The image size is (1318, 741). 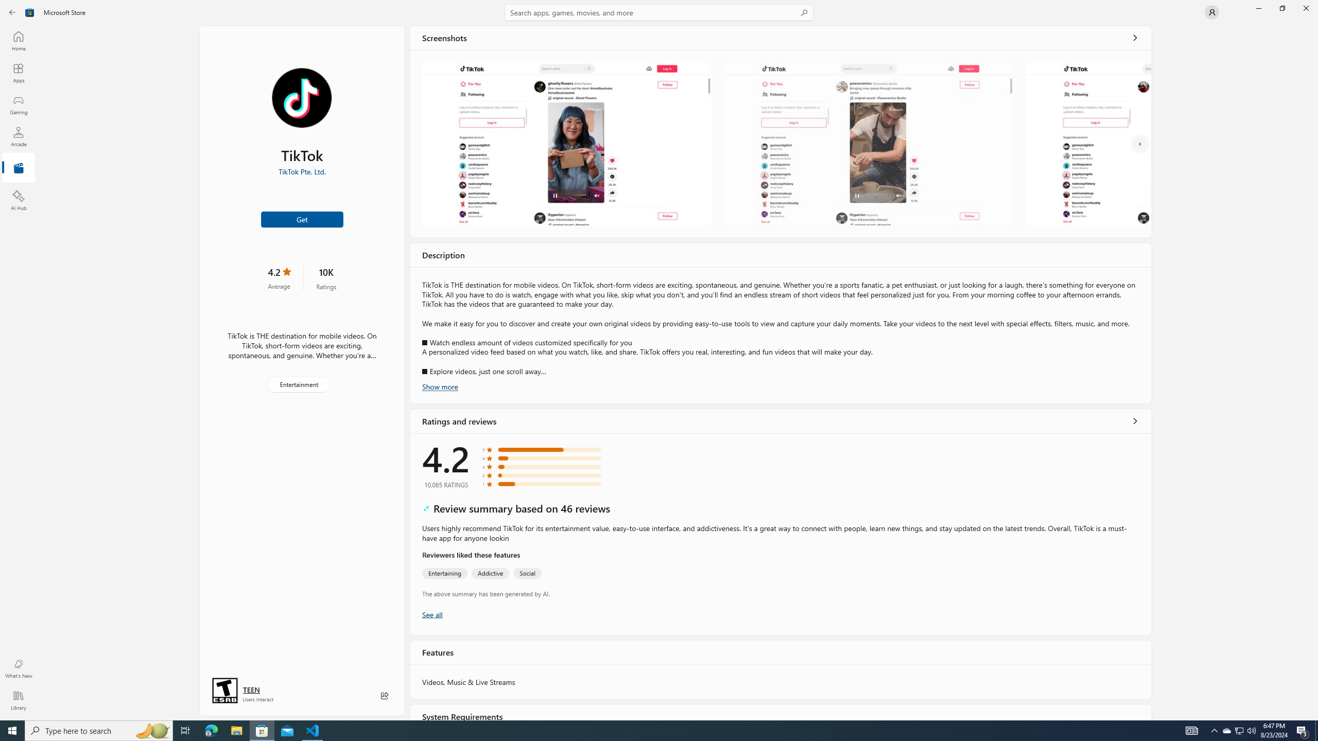 What do you see at coordinates (18, 73) in the screenshot?
I see `'Apps'` at bounding box center [18, 73].